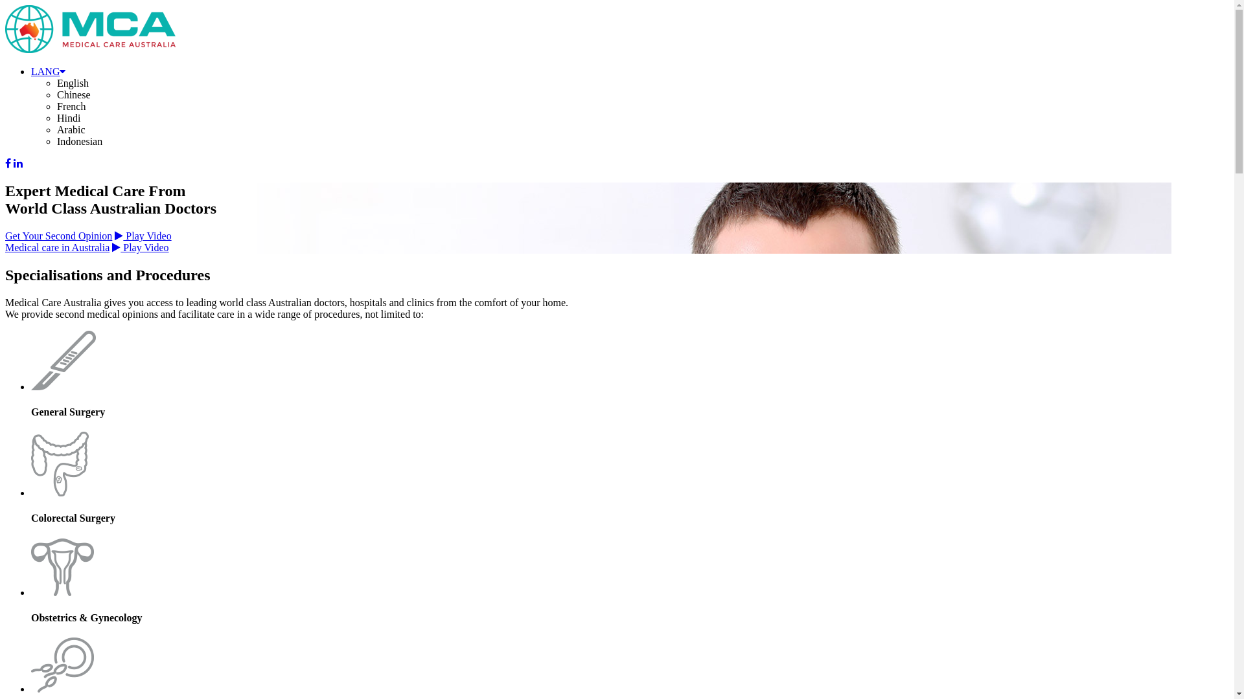  What do you see at coordinates (56, 247) in the screenshot?
I see `'Medical care in Australia'` at bounding box center [56, 247].